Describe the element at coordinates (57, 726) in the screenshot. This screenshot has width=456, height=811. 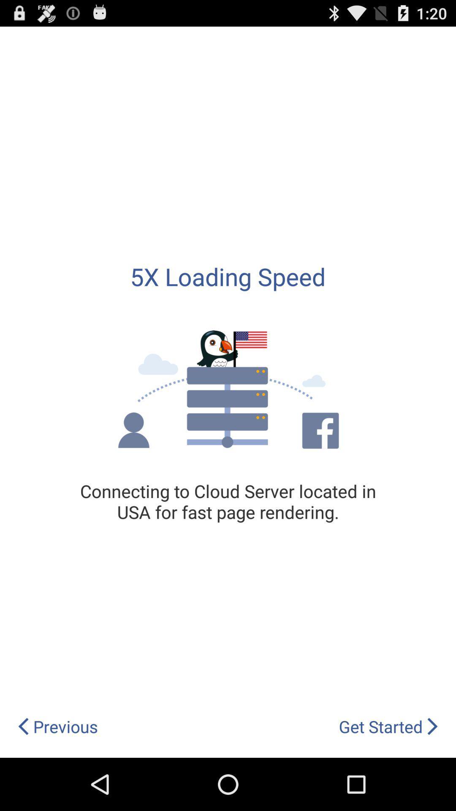
I see `the app next to get started app` at that location.